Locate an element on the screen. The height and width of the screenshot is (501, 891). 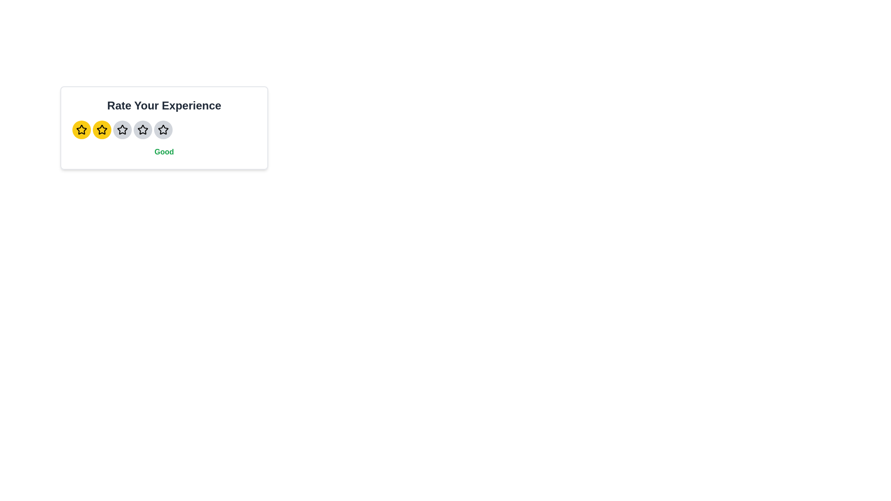
the first star icon, which is filled with yellow and outlined in black is located at coordinates (82, 129).